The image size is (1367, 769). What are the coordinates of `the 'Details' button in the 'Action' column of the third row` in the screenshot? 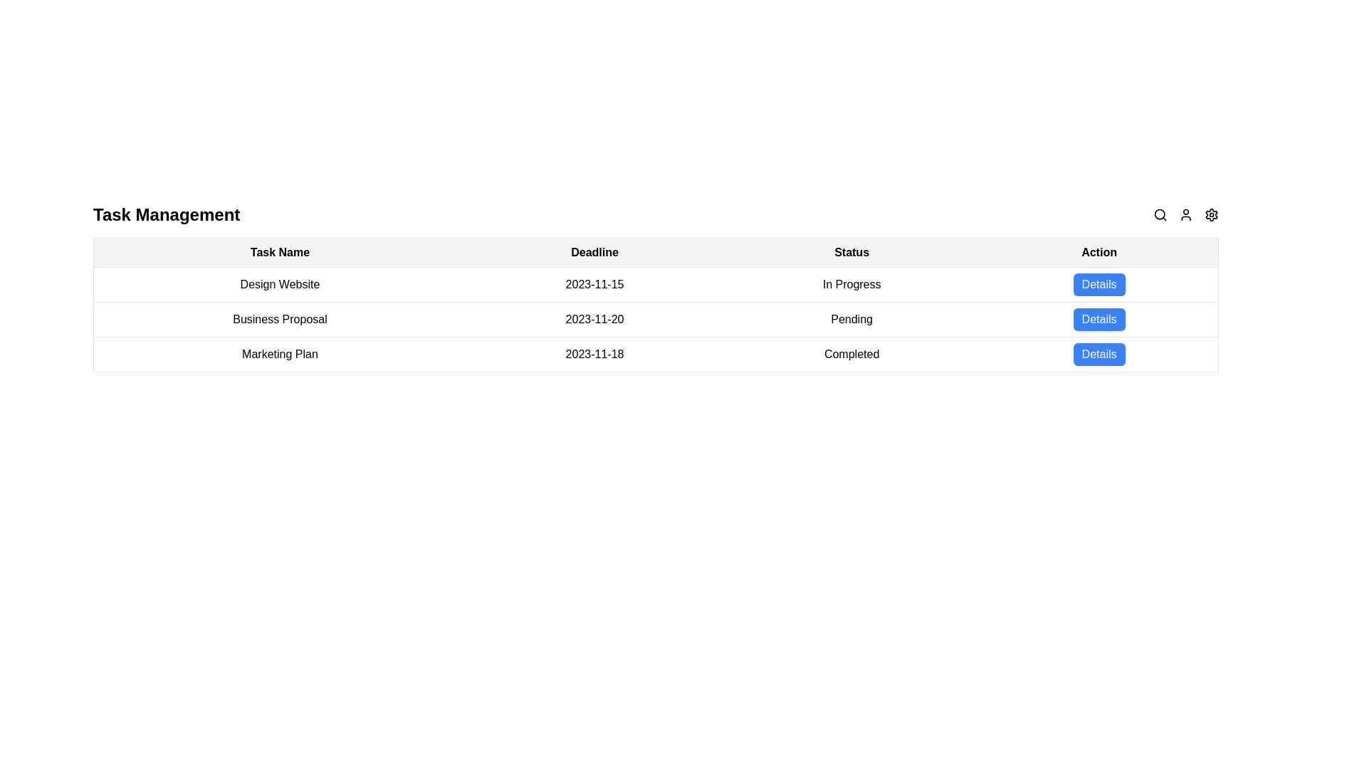 It's located at (1099, 353).